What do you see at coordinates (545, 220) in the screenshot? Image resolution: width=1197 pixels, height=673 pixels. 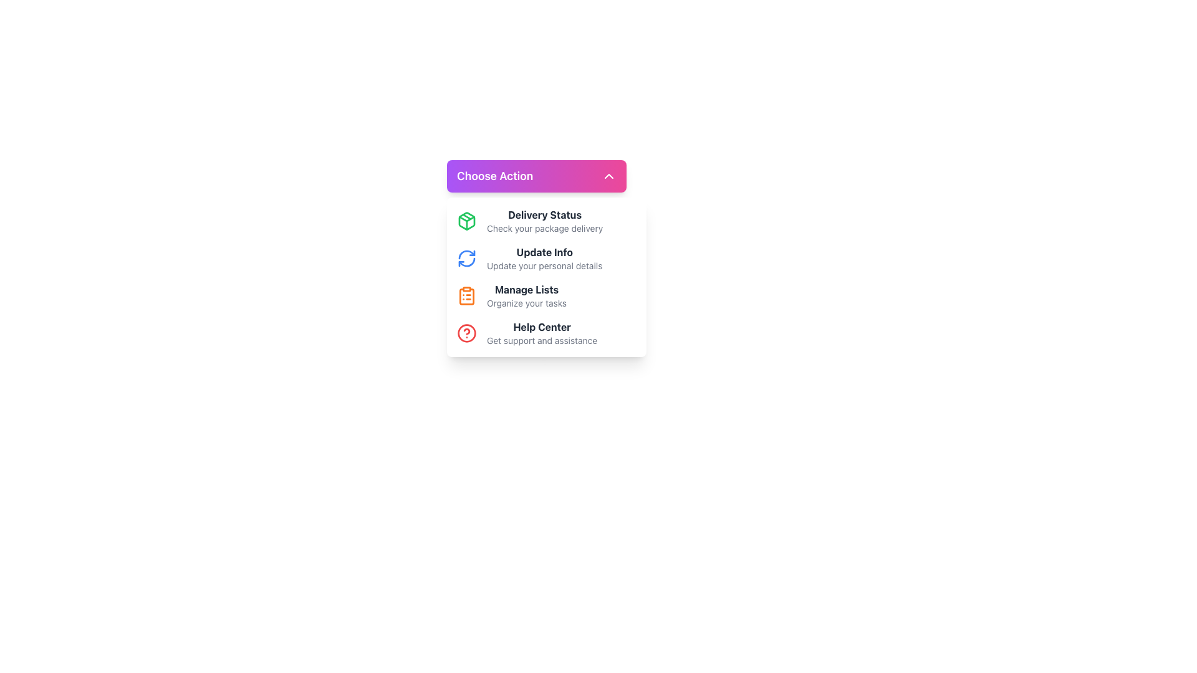 I see `text content of the 'Delivery Status' text block, which is the first option in the list beneath the 'Choose Action' header` at bounding box center [545, 220].